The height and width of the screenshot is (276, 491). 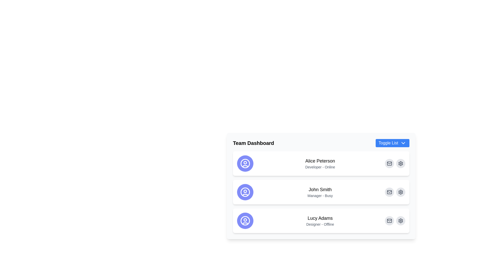 What do you see at coordinates (320, 189) in the screenshot?
I see `name displayed as 'John Smith' in bold font located in the second entry of the user list in the 'Team Dashboard', positioned above 'Manager - Busy'` at bounding box center [320, 189].